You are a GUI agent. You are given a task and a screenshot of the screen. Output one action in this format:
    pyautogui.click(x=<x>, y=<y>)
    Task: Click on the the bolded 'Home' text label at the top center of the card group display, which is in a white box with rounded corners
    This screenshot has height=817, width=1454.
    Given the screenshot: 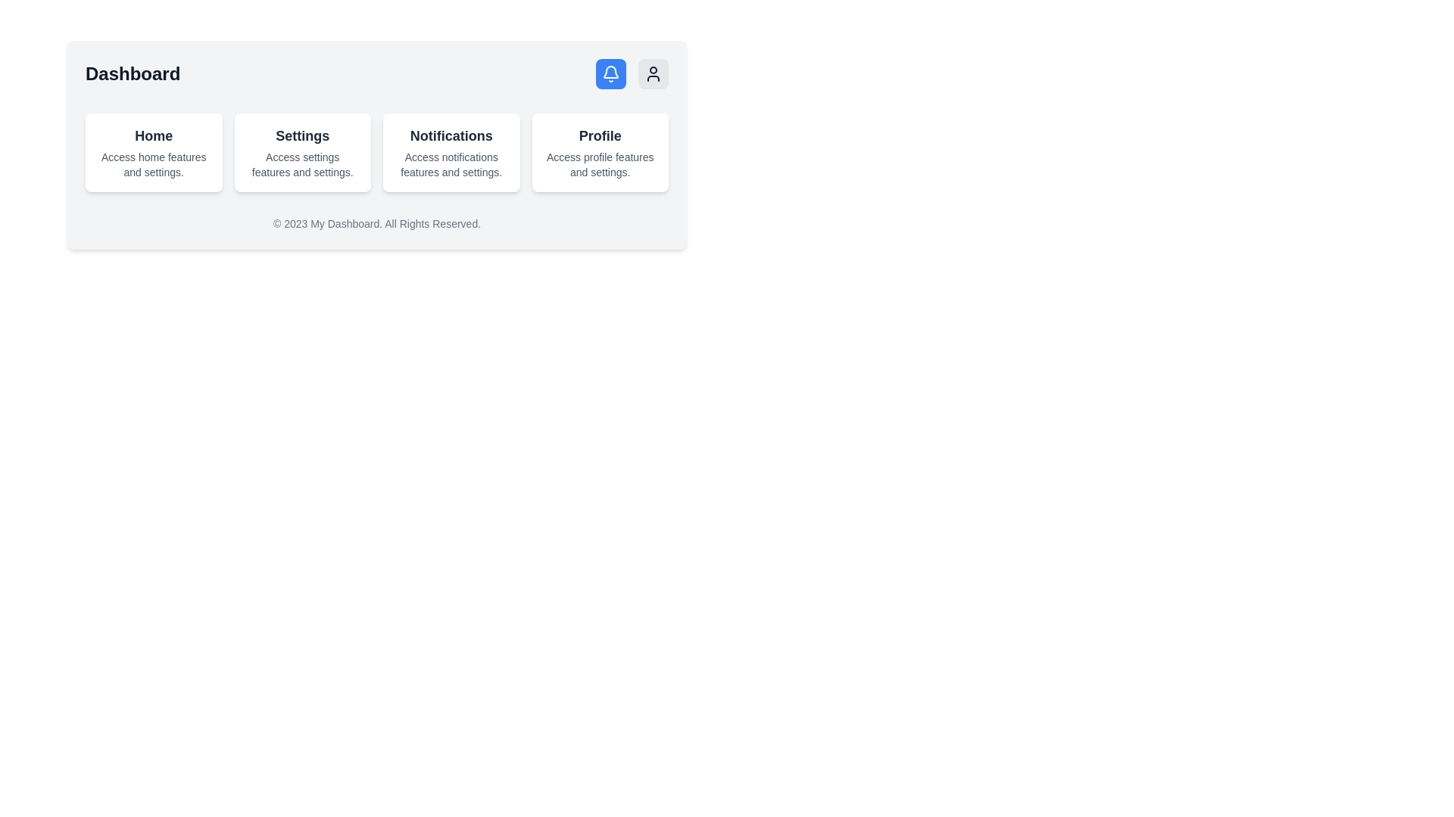 What is the action you would take?
    pyautogui.click(x=154, y=136)
    